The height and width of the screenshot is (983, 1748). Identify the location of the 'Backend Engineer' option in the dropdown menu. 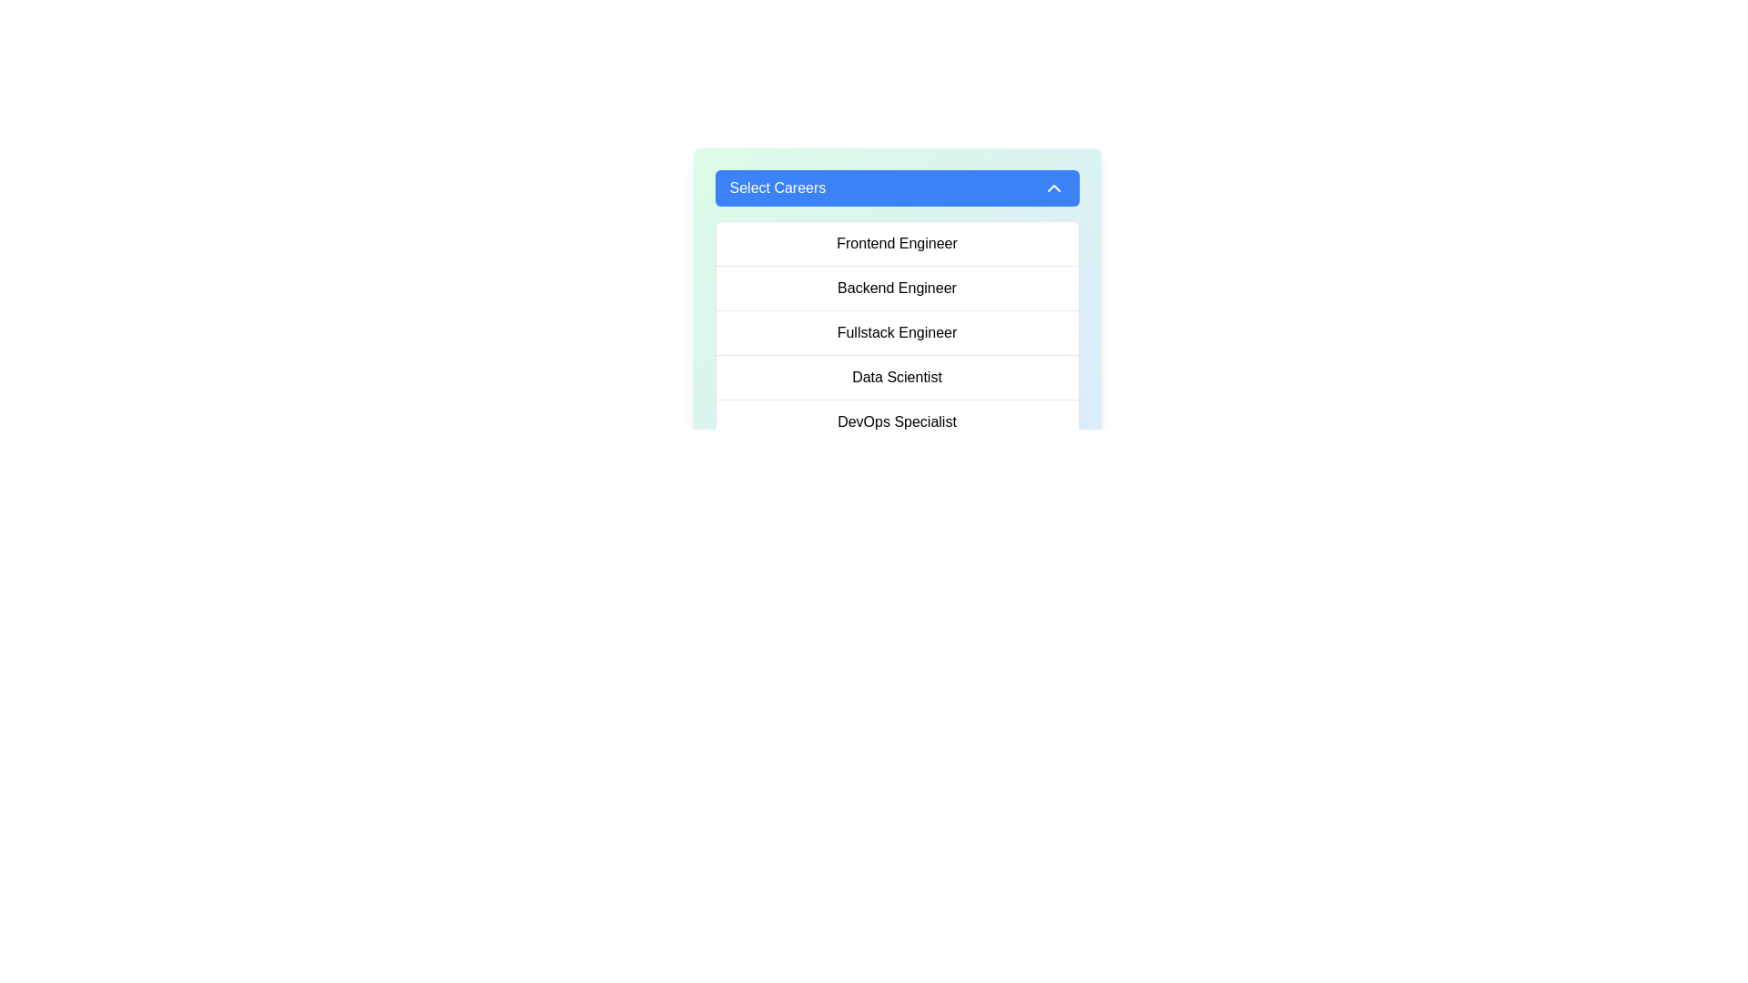
(897, 287).